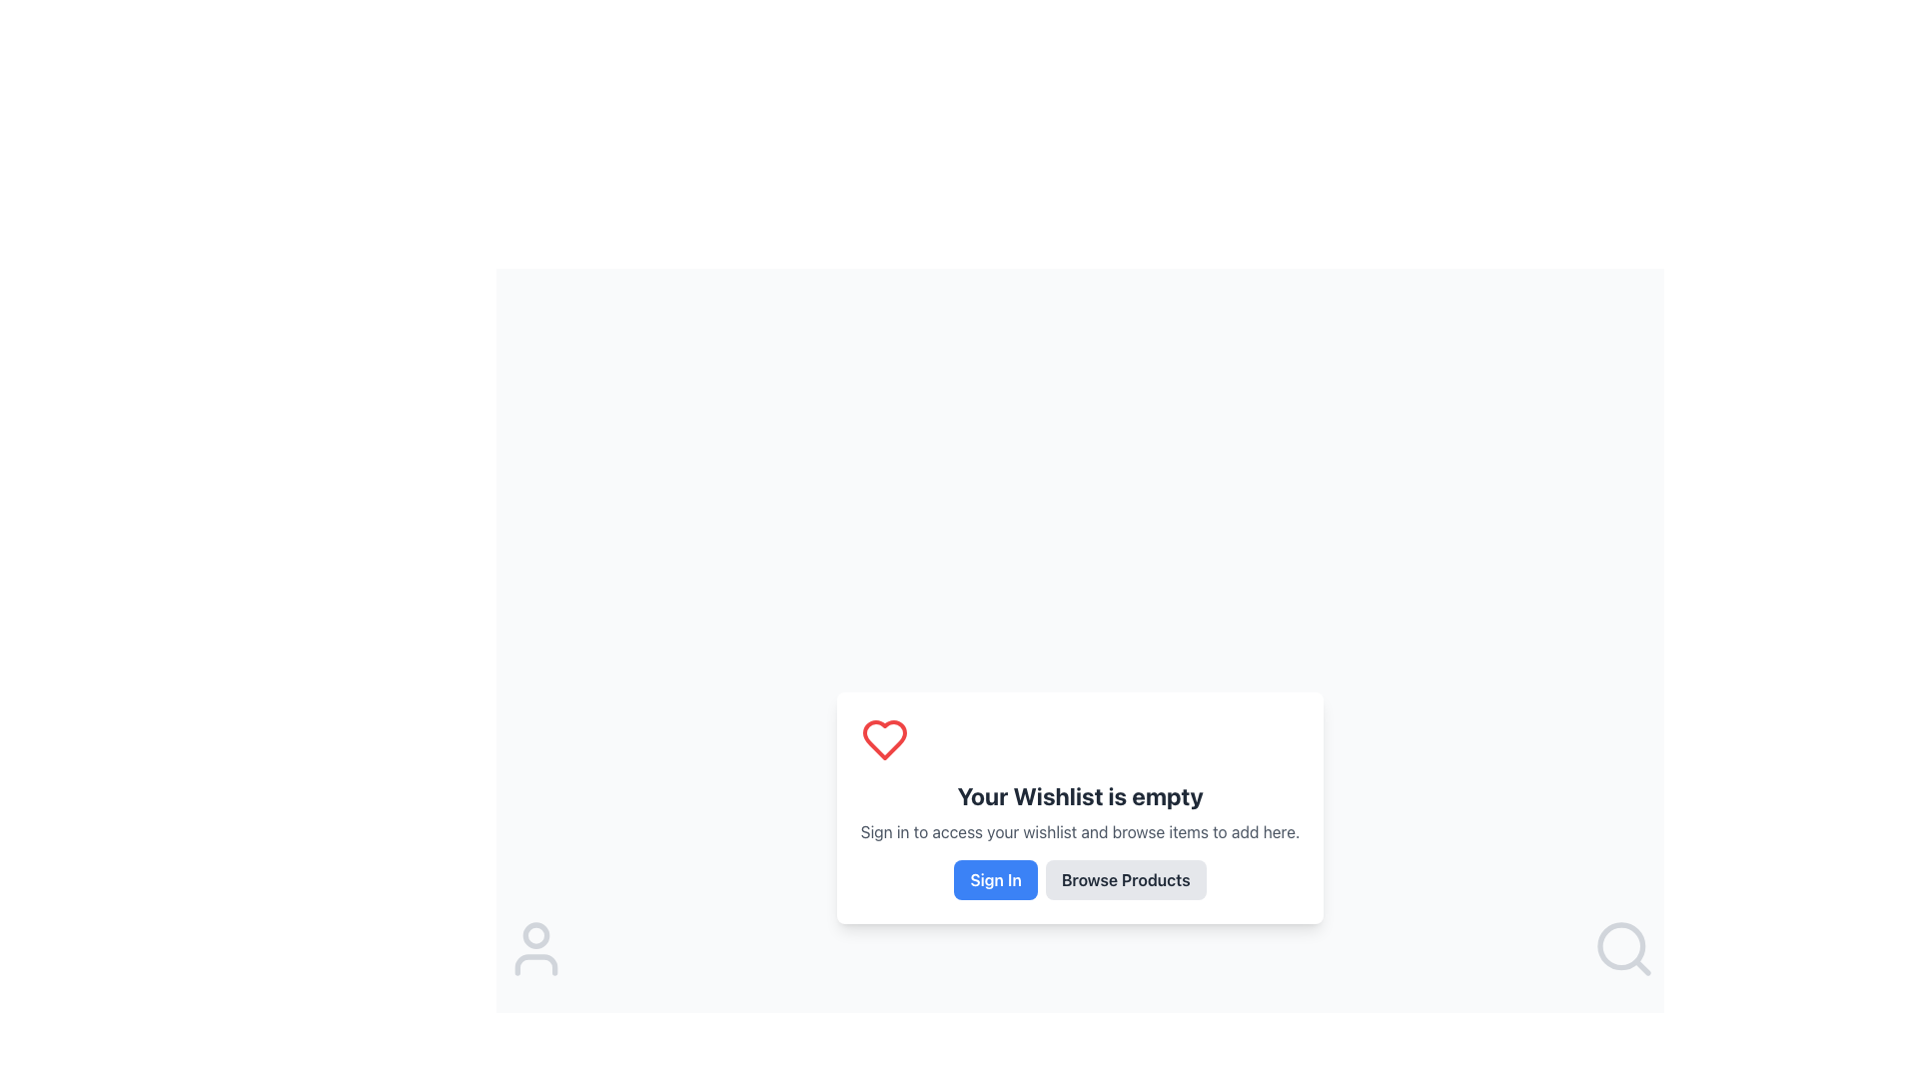 This screenshot has height=1079, width=1918. Describe the element at coordinates (996, 878) in the screenshot. I see `the 'Sign In' button, which is a rectangular button with rounded corners, blue background, and white text, located at the bottom center of a card element` at that location.